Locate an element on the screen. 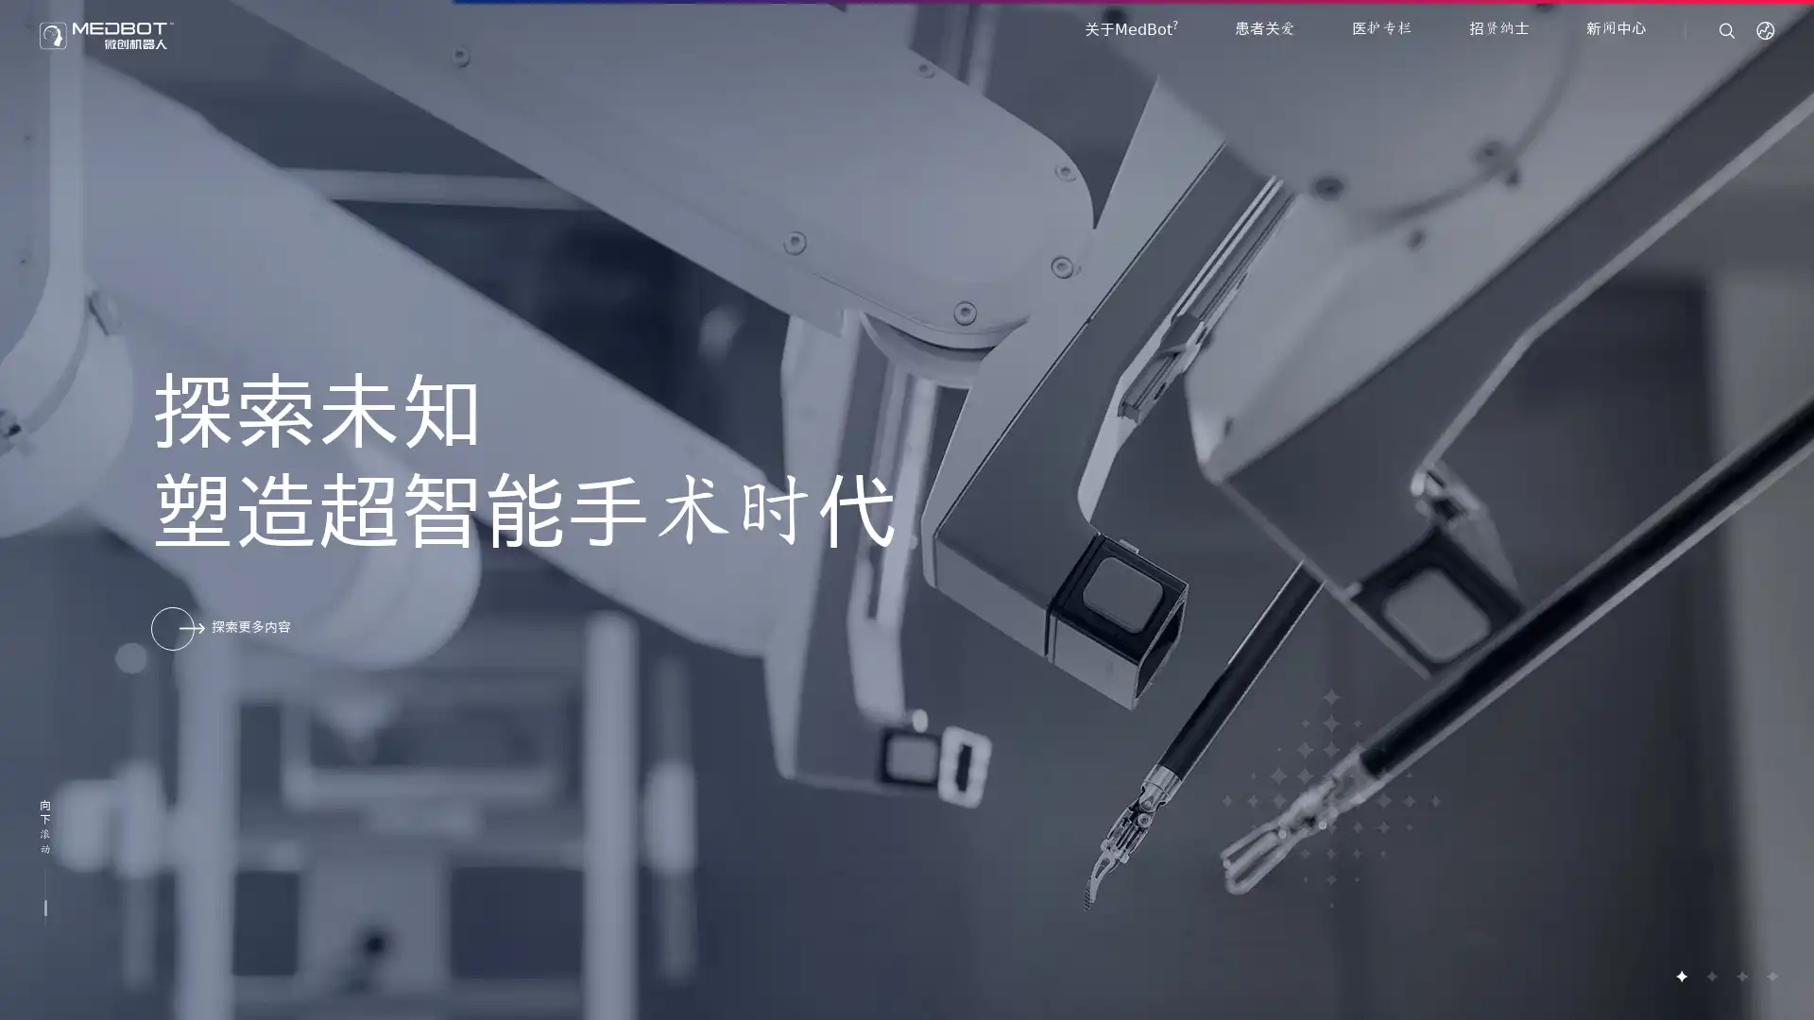  Go to slide 1 is located at coordinates (1681, 976).